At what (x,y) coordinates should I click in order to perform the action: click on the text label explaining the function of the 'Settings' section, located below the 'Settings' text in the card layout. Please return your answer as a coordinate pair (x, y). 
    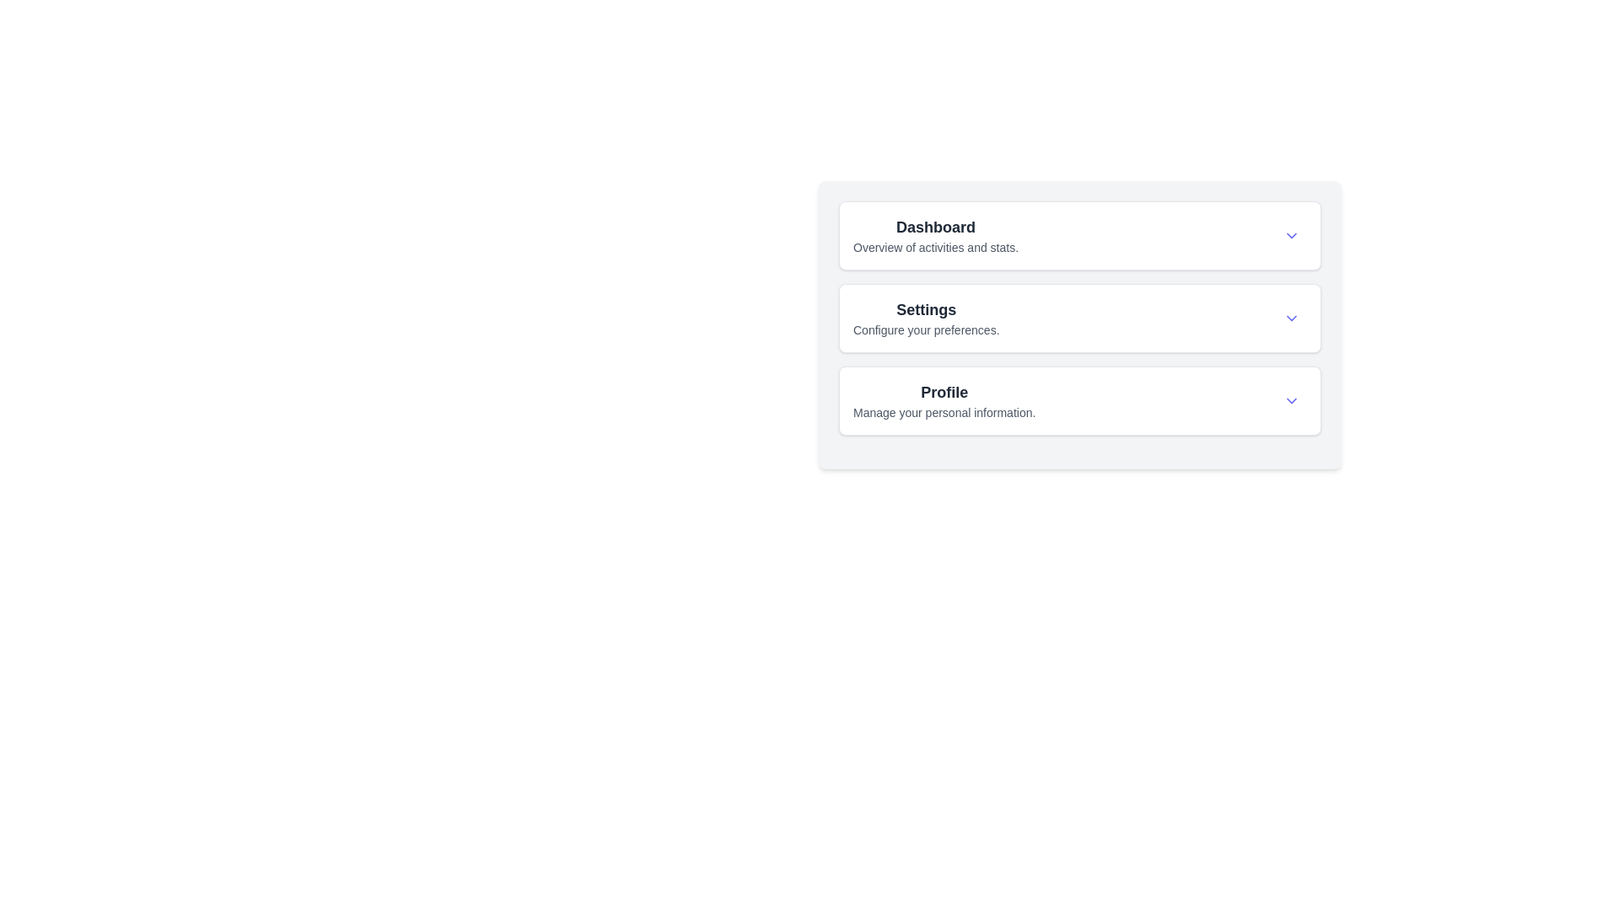
    Looking at the image, I should click on (925, 330).